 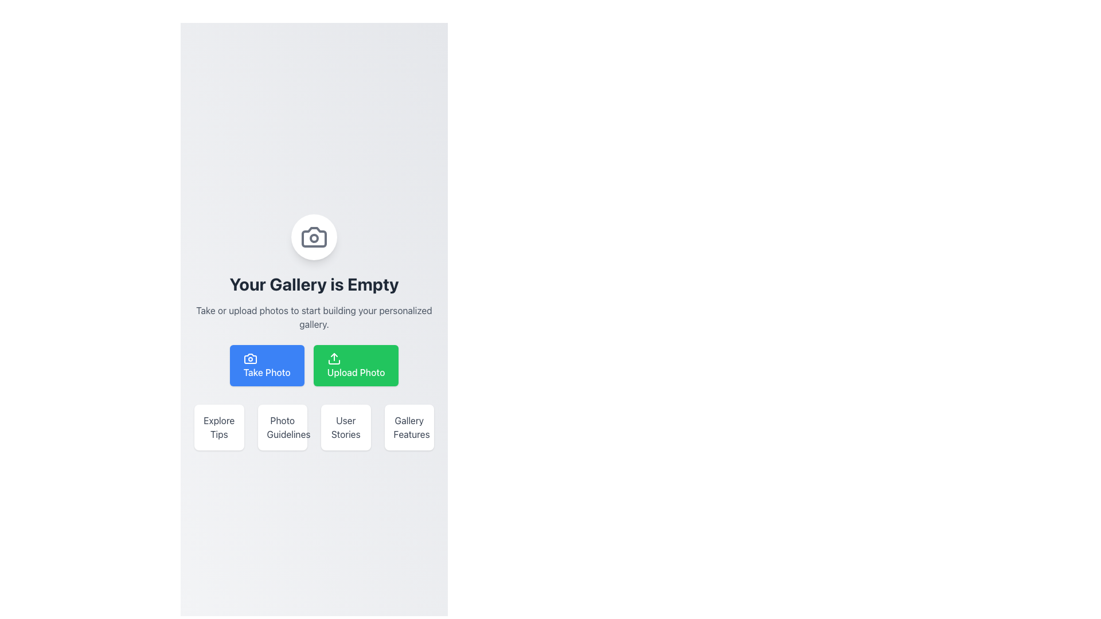 What do you see at coordinates (314, 238) in the screenshot?
I see `the small circular shape within the camera icon graphic, which represents the lens of the camera design in the SVG component` at bounding box center [314, 238].